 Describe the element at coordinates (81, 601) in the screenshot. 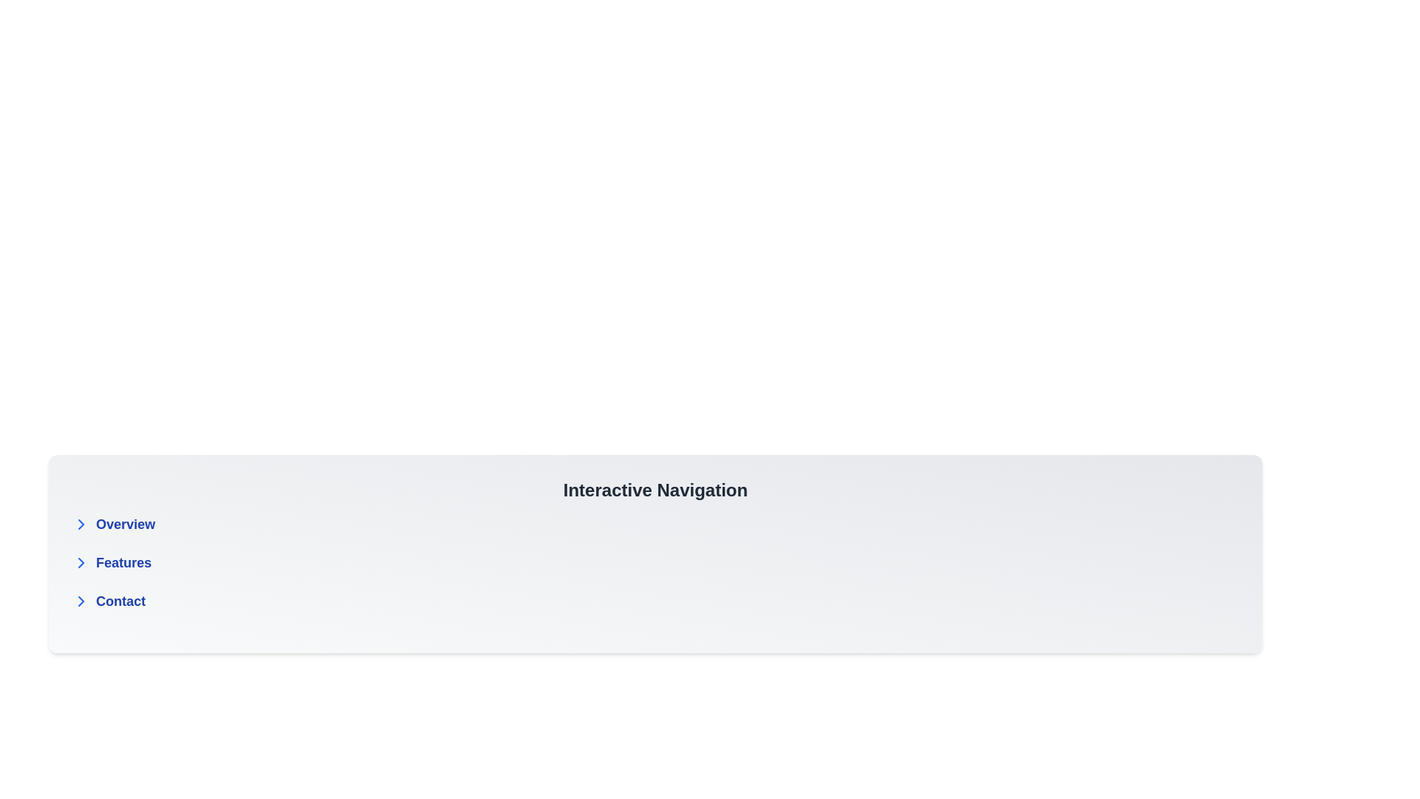

I see `the blue chevron icon that is positioned to the left of the 'Contact' label in the navigation items at the bottom of the page` at that location.